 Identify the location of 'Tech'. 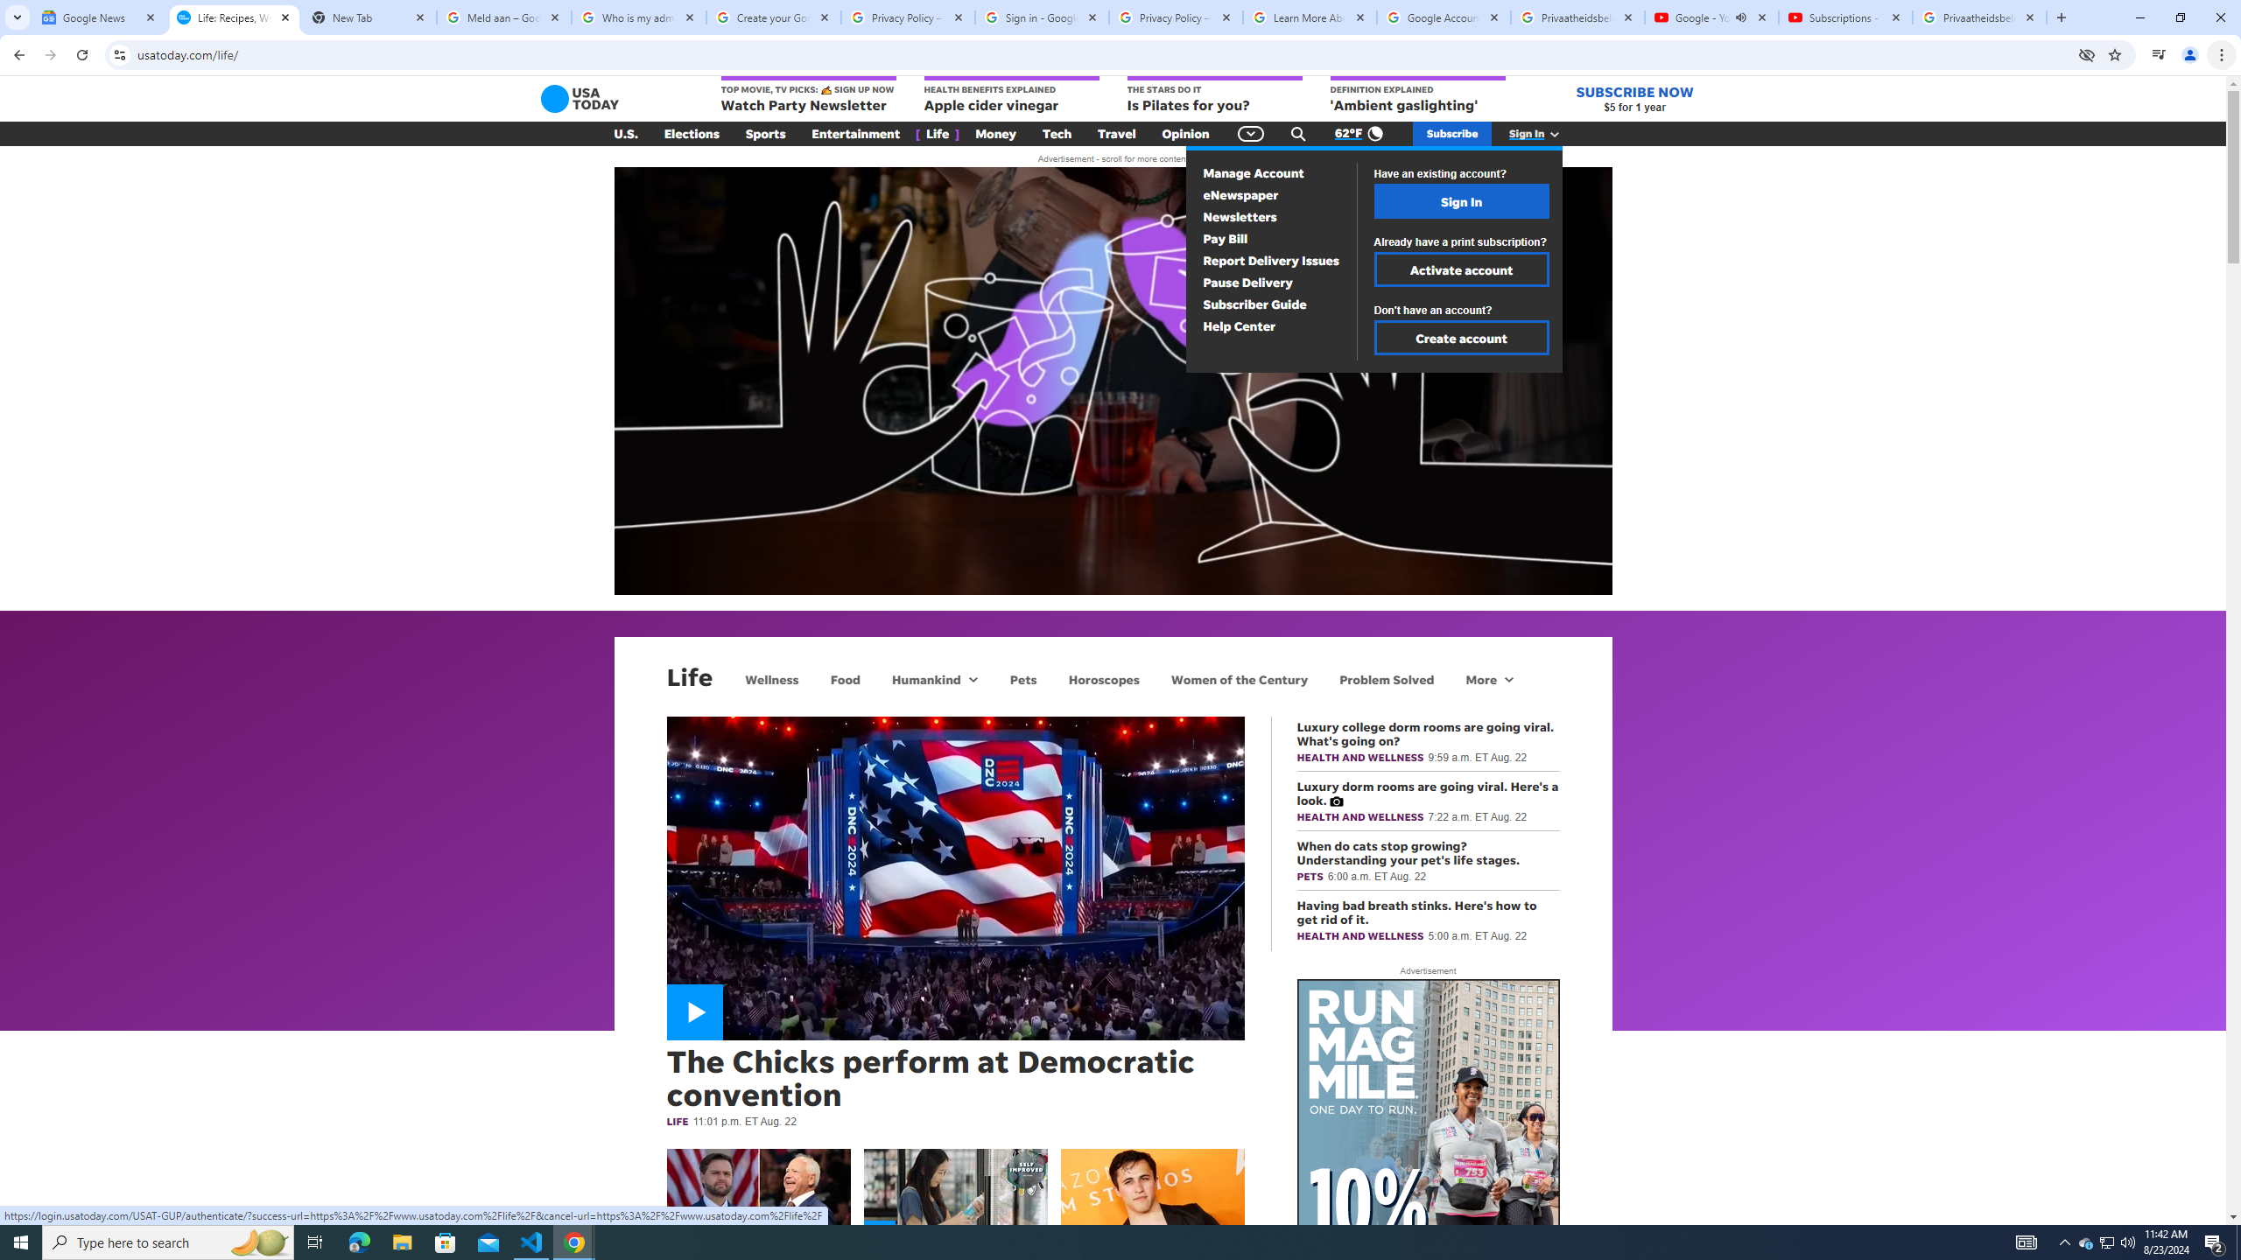
(1056, 134).